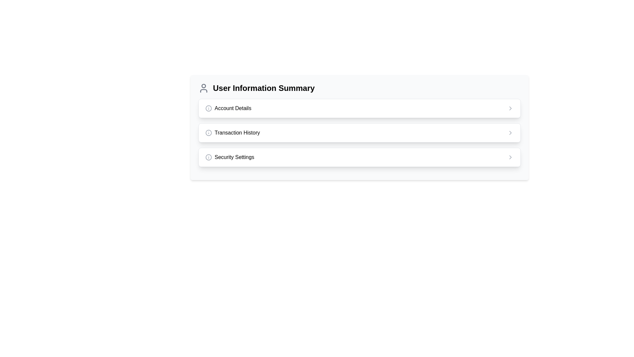  What do you see at coordinates (510, 108) in the screenshot?
I see `the Chevron-Right icon next to the 'Account Details' row` at bounding box center [510, 108].